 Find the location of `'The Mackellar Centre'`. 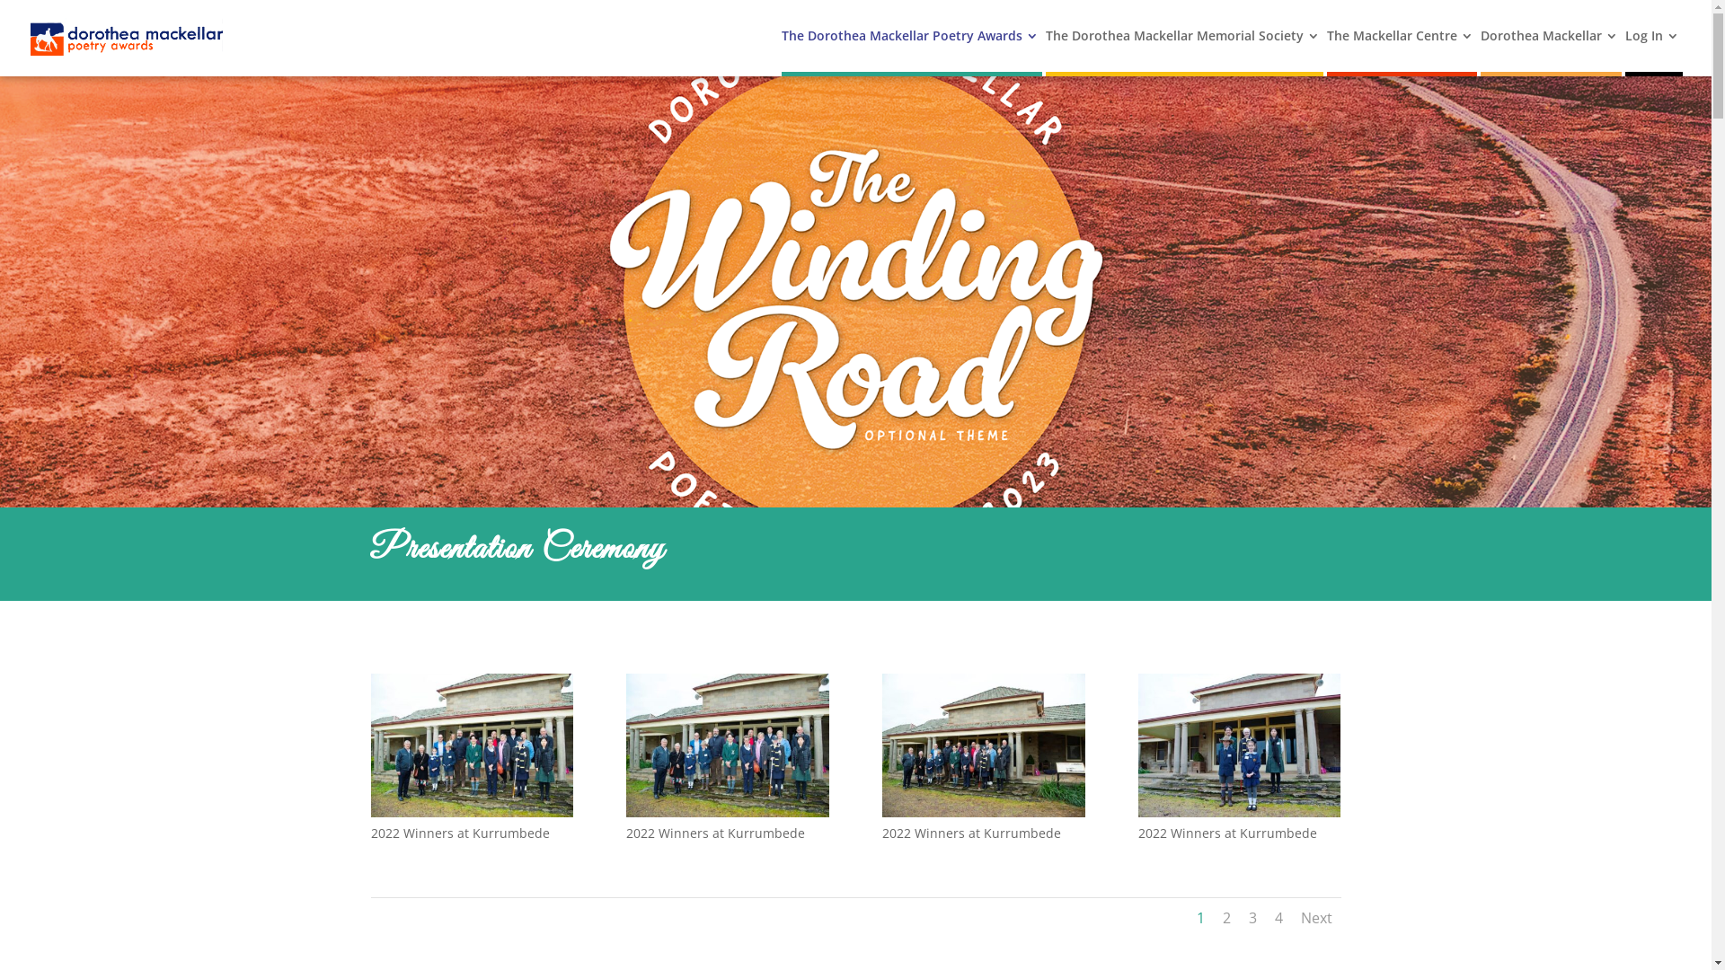

'The Mackellar Centre' is located at coordinates (1399, 49).